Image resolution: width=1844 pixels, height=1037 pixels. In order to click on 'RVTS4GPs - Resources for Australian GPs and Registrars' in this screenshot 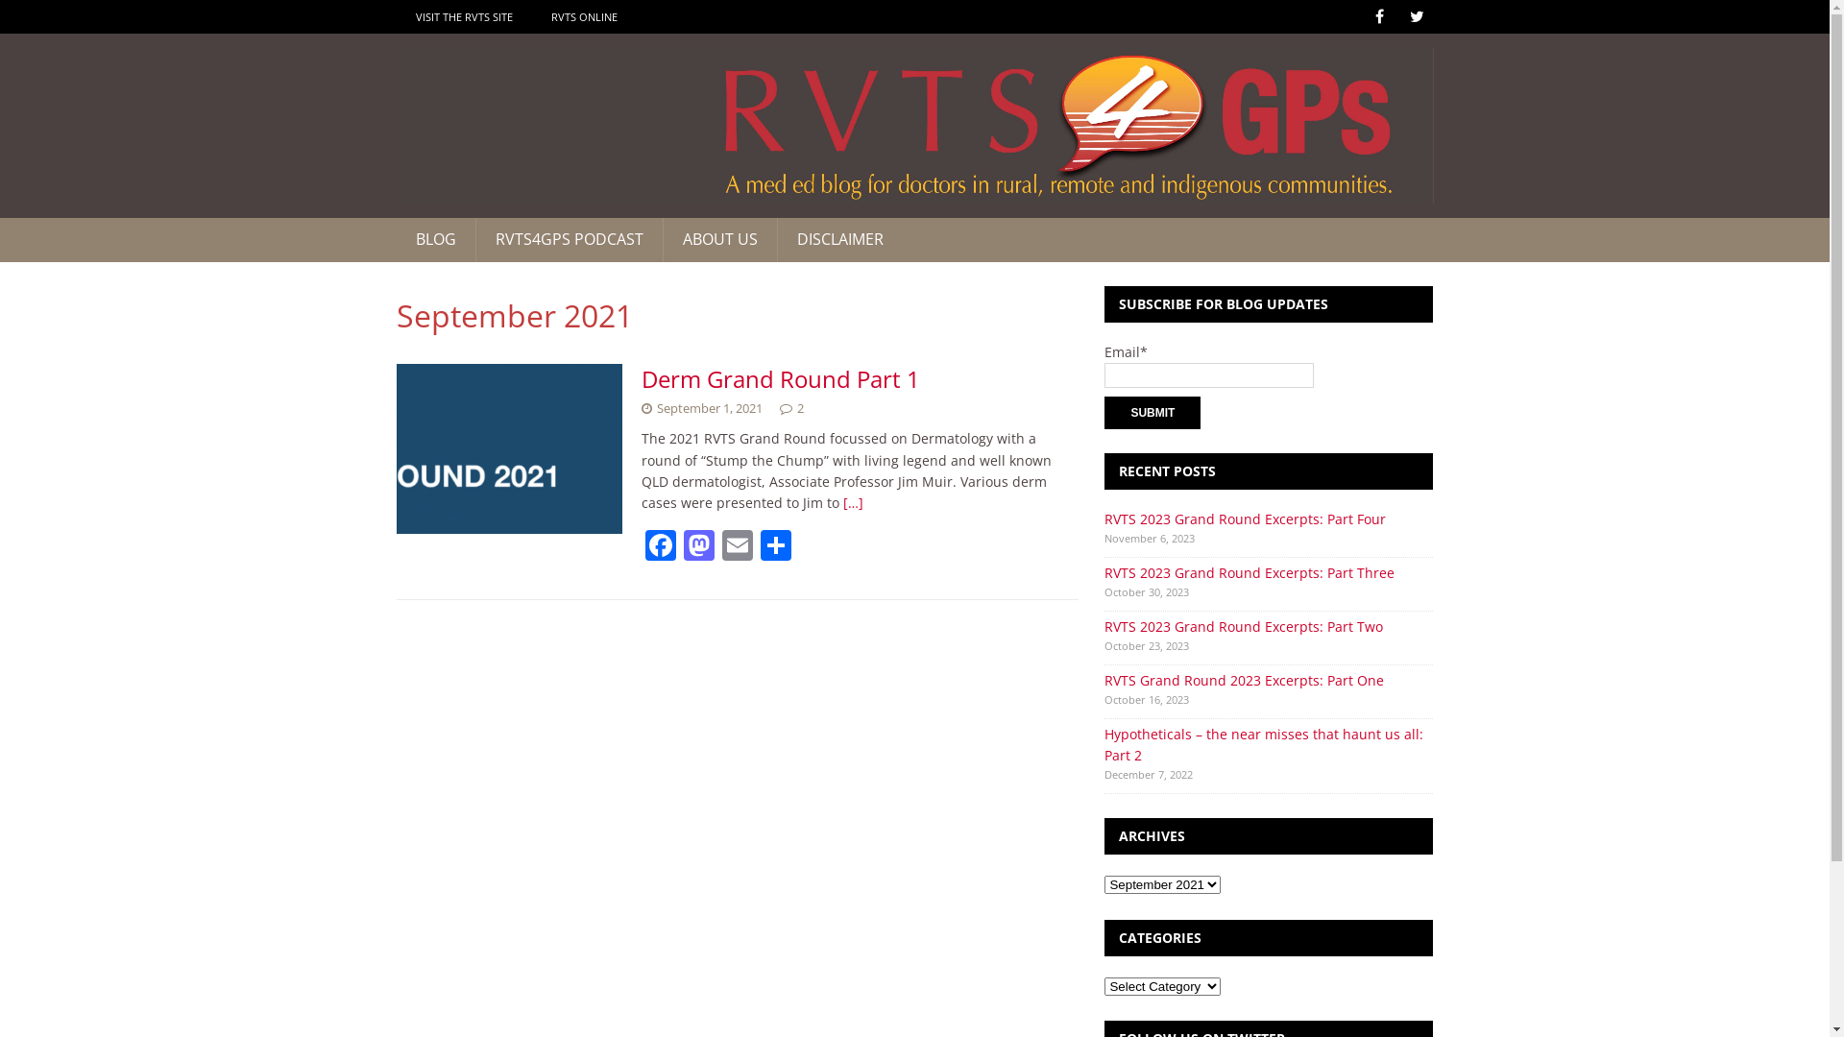, I will do `click(912, 126)`.